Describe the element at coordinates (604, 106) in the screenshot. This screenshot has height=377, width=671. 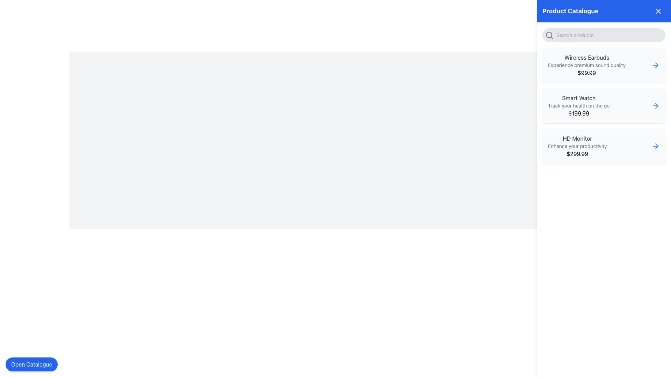
I see `the 'Smart Watch' product card, which is the second card in the vertical list of the 'Product Catalogue' section, positioned between 'Wireless Earbuds' and 'HD Monitor'` at that location.